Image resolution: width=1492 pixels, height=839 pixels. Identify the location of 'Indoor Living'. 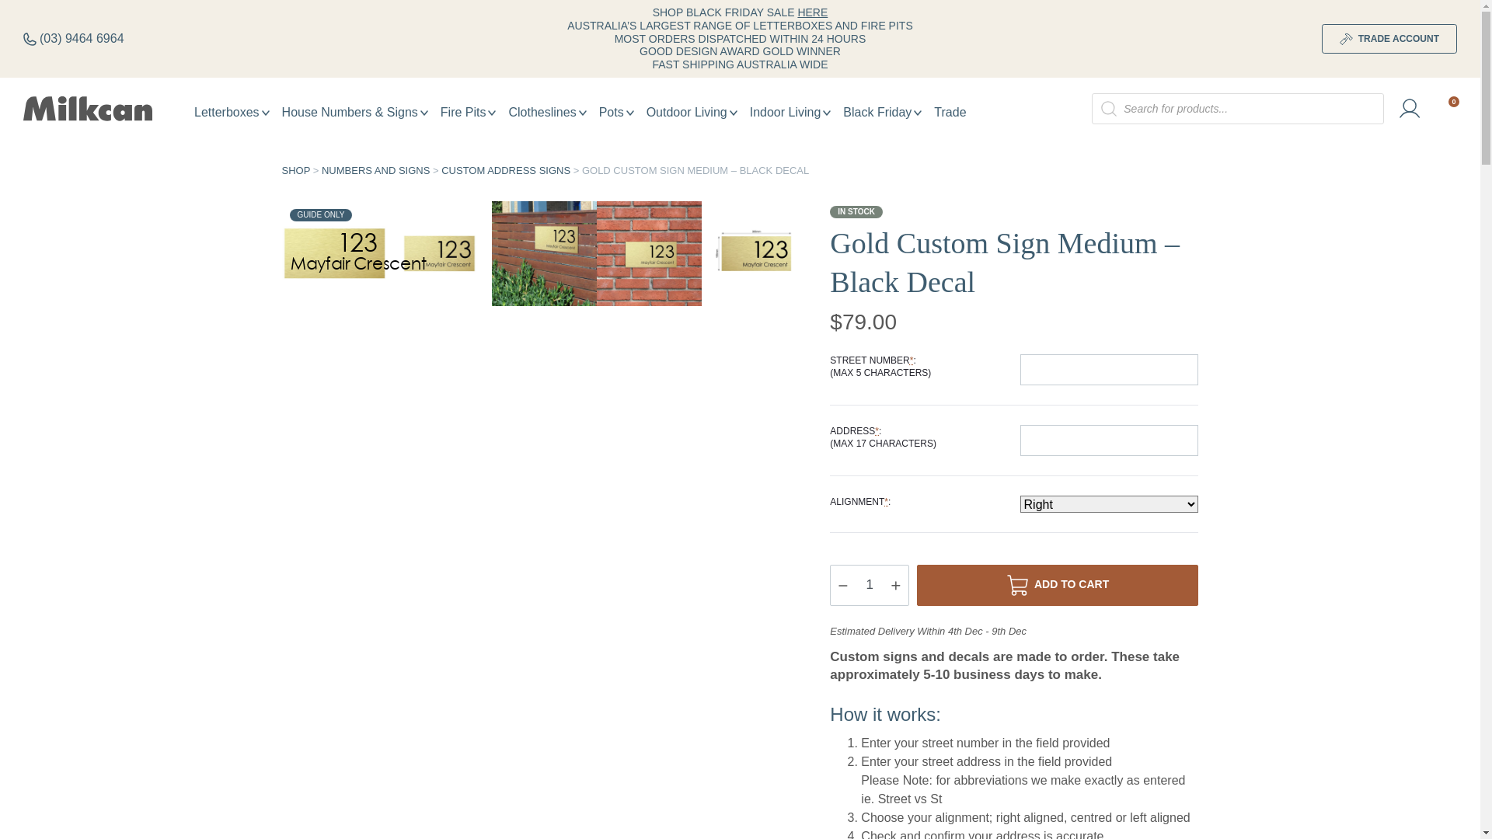
(790, 111).